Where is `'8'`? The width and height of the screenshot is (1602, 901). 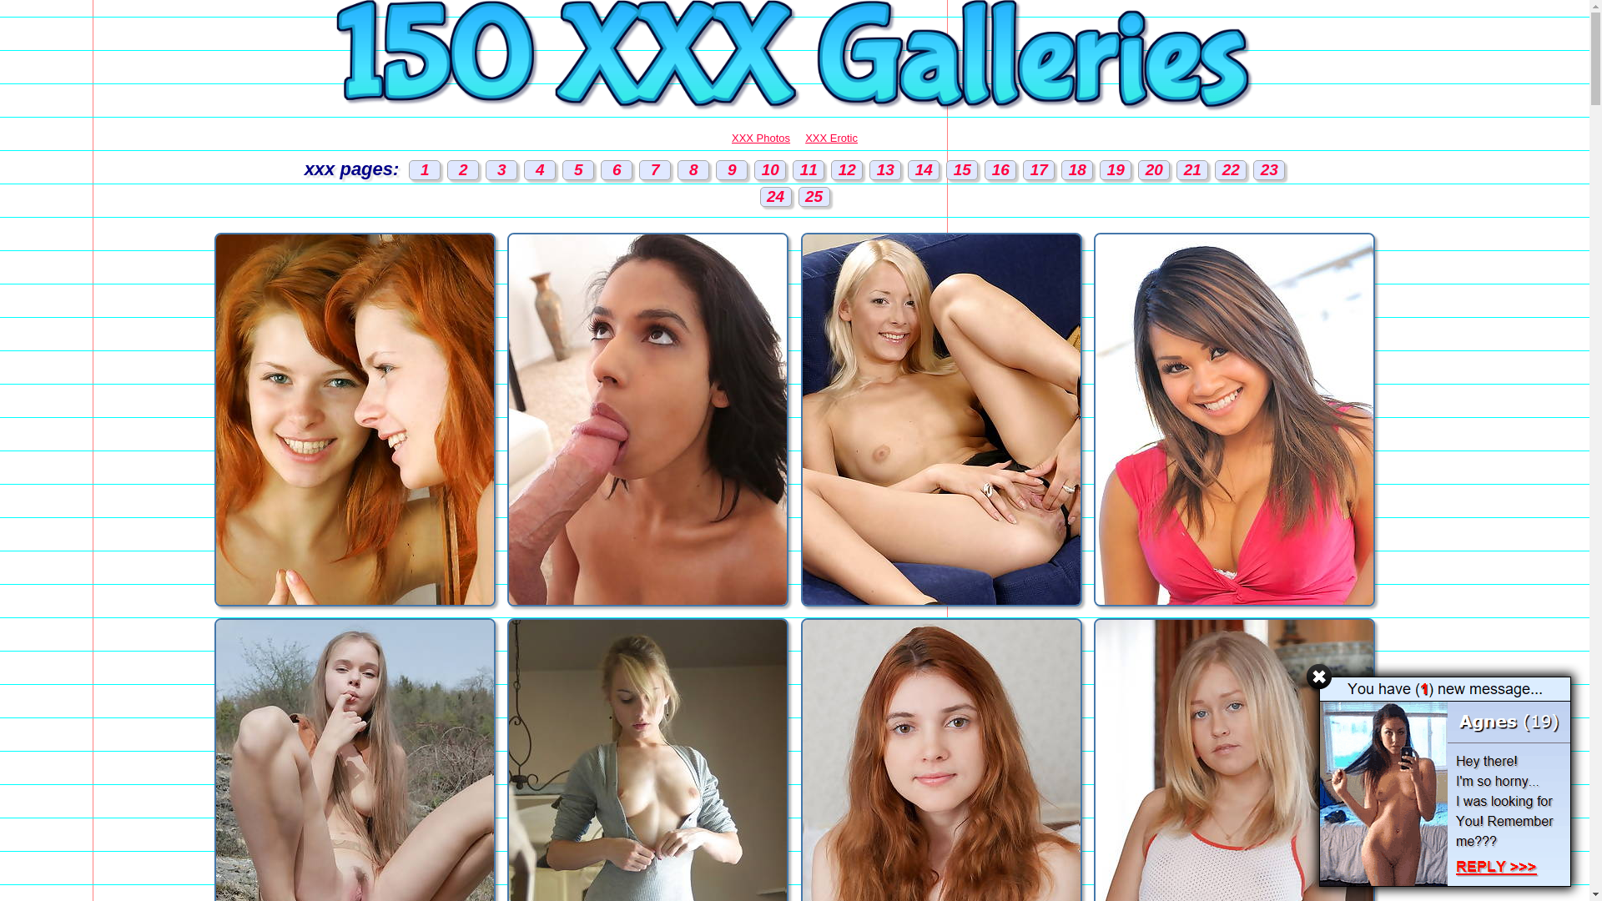
'8' is located at coordinates (677, 170).